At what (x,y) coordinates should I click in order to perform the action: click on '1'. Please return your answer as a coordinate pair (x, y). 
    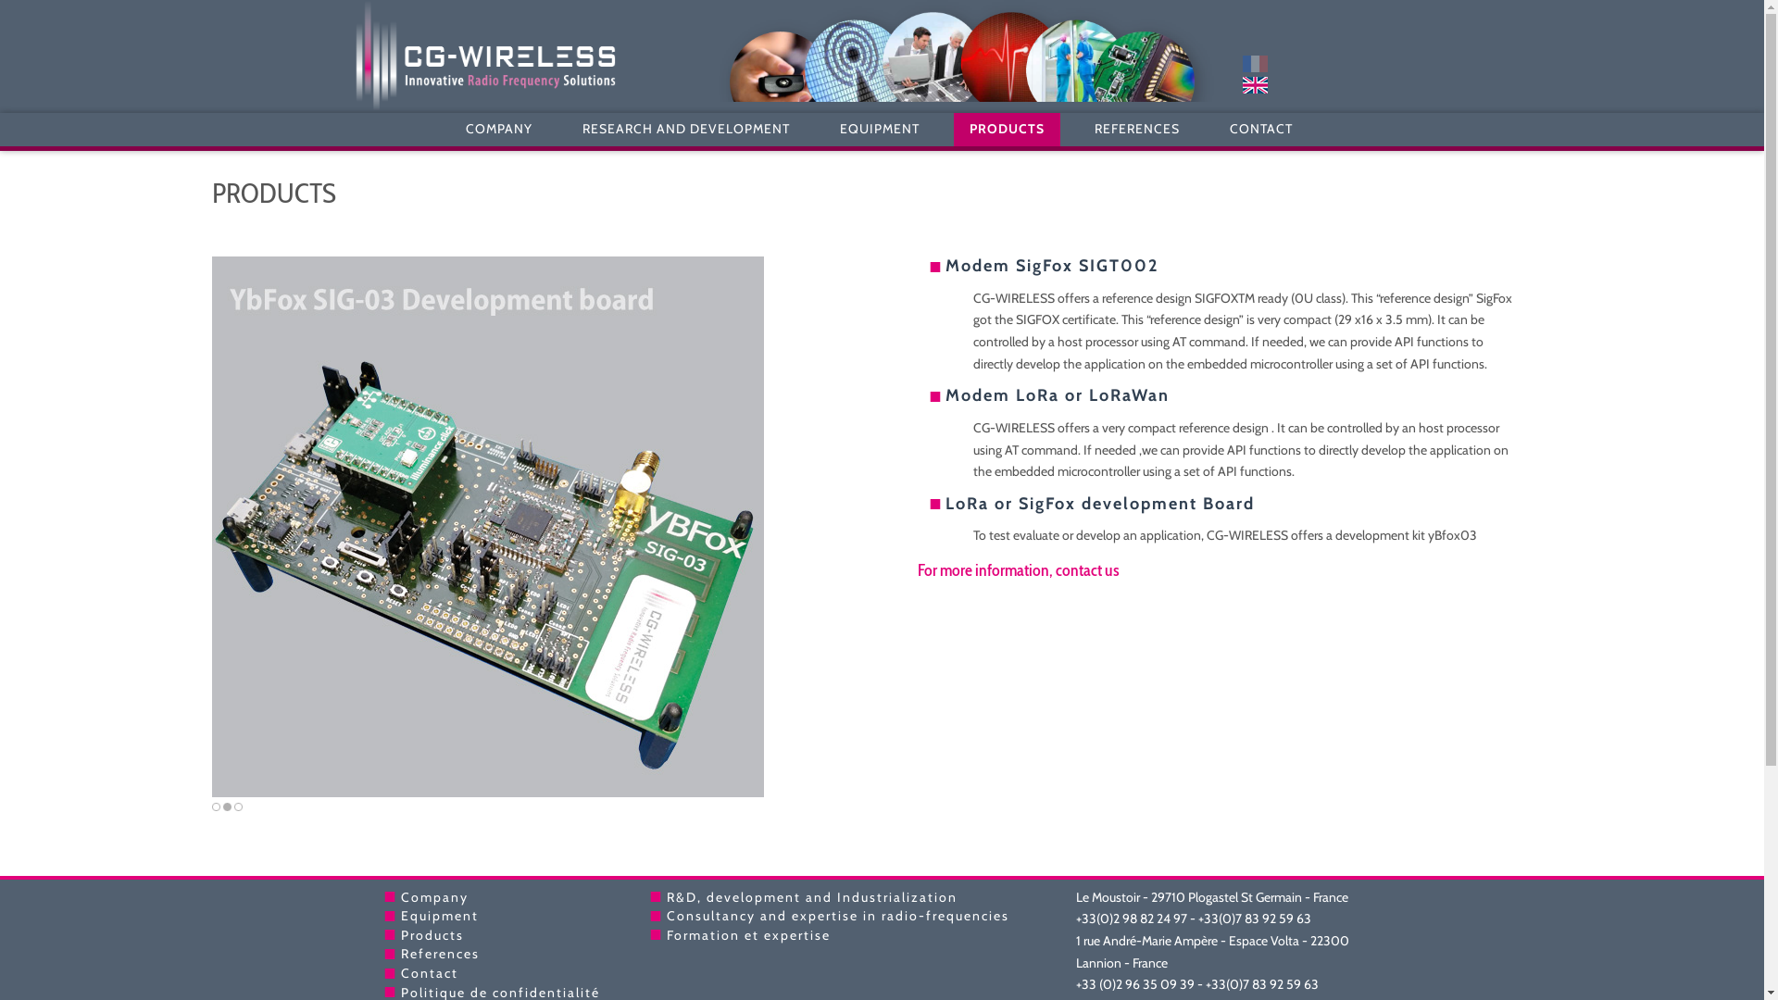
    Looking at the image, I should click on (216, 806).